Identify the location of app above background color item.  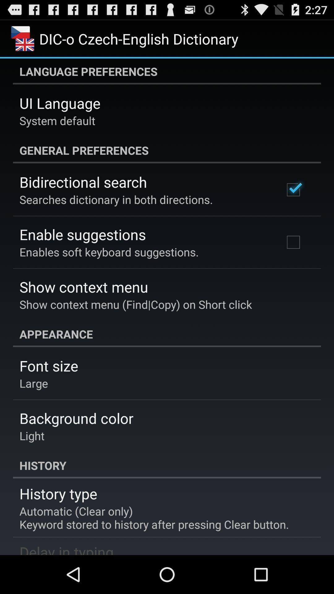
(34, 383).